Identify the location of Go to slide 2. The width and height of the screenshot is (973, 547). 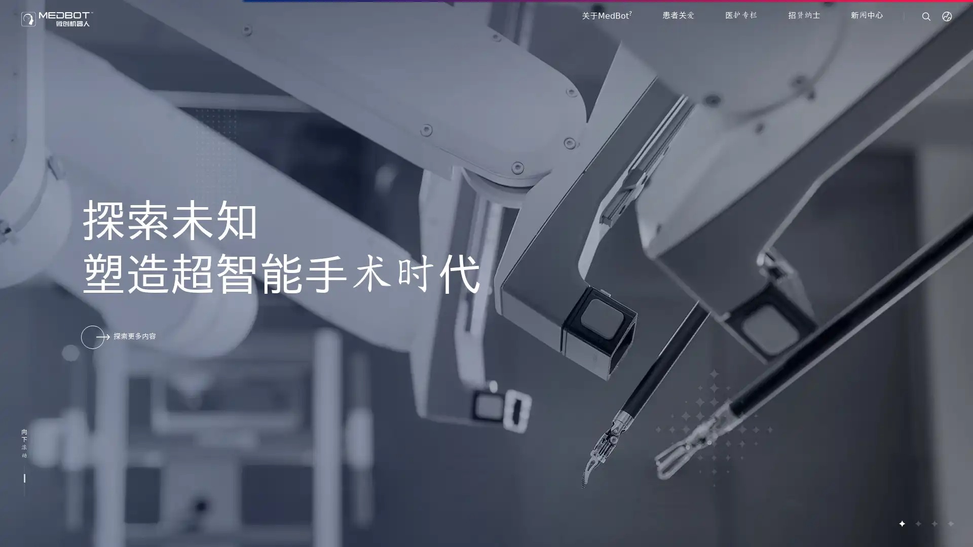
(917, 523).